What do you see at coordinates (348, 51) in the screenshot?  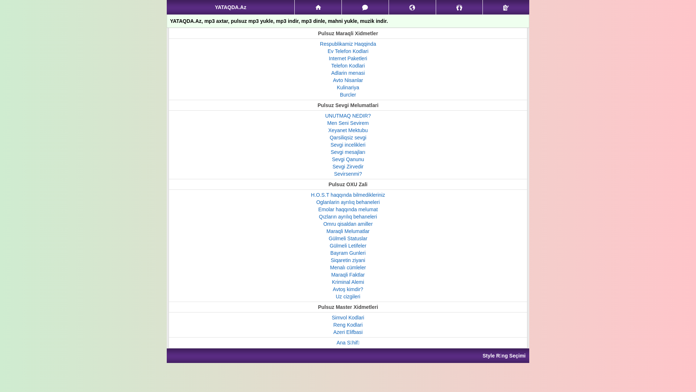 I see `'Ev Telefon Kodlari'` at bounding box center [348, 51].